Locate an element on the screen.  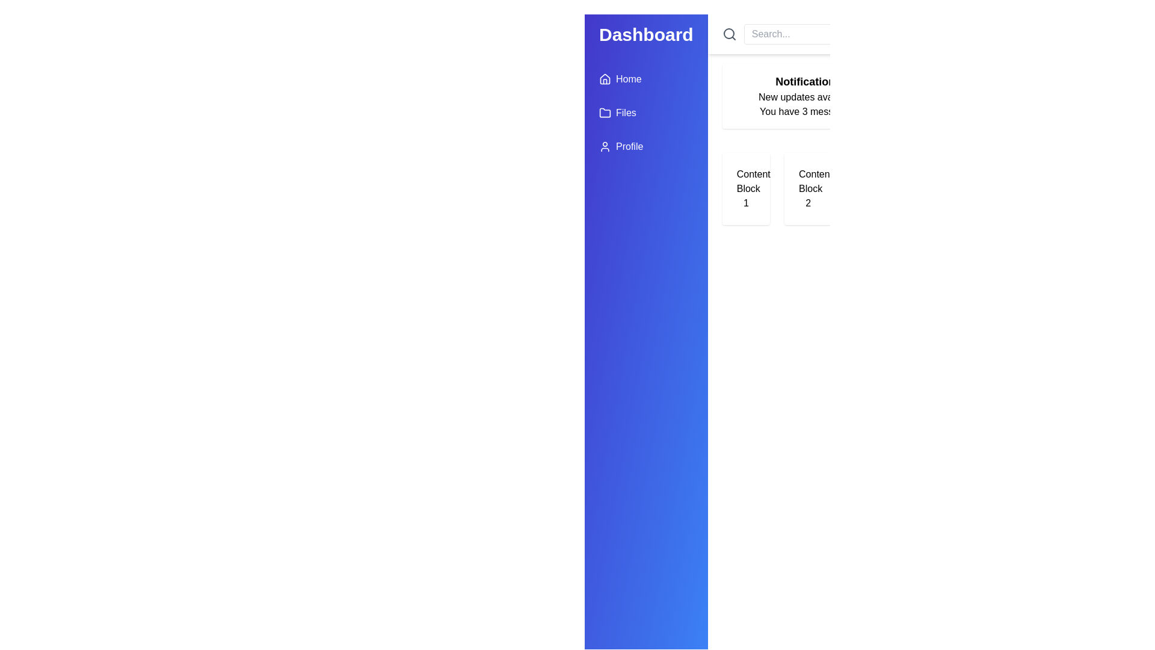
the profile icon, which is a white outline of a person on a blue background, located next to the text 'Profile' in the vertical navigation bar is located at coordinates (605, 146).